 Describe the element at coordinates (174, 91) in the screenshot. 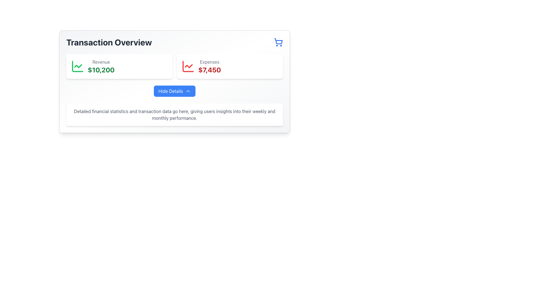

I see `the blue button labeled 'Hide Details' with a white text and an upward-pointing chevron icon` at that location.